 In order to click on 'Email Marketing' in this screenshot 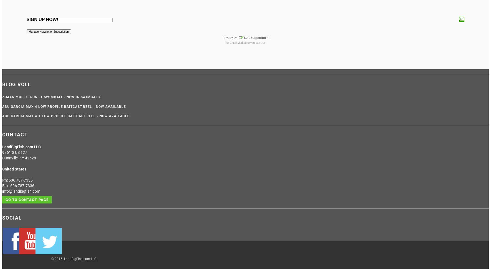, I will do `click(229, 42)`.